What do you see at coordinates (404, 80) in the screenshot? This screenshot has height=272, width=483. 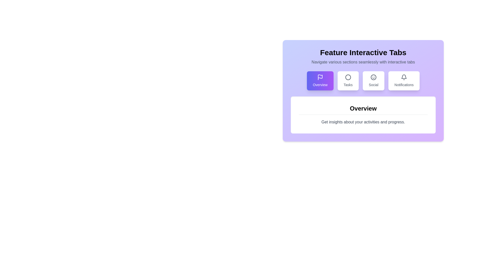 I see `the 'Notifications' button, which has a white background, rounded borders, and a bell icon above the text` at bounding box center [404, 80].